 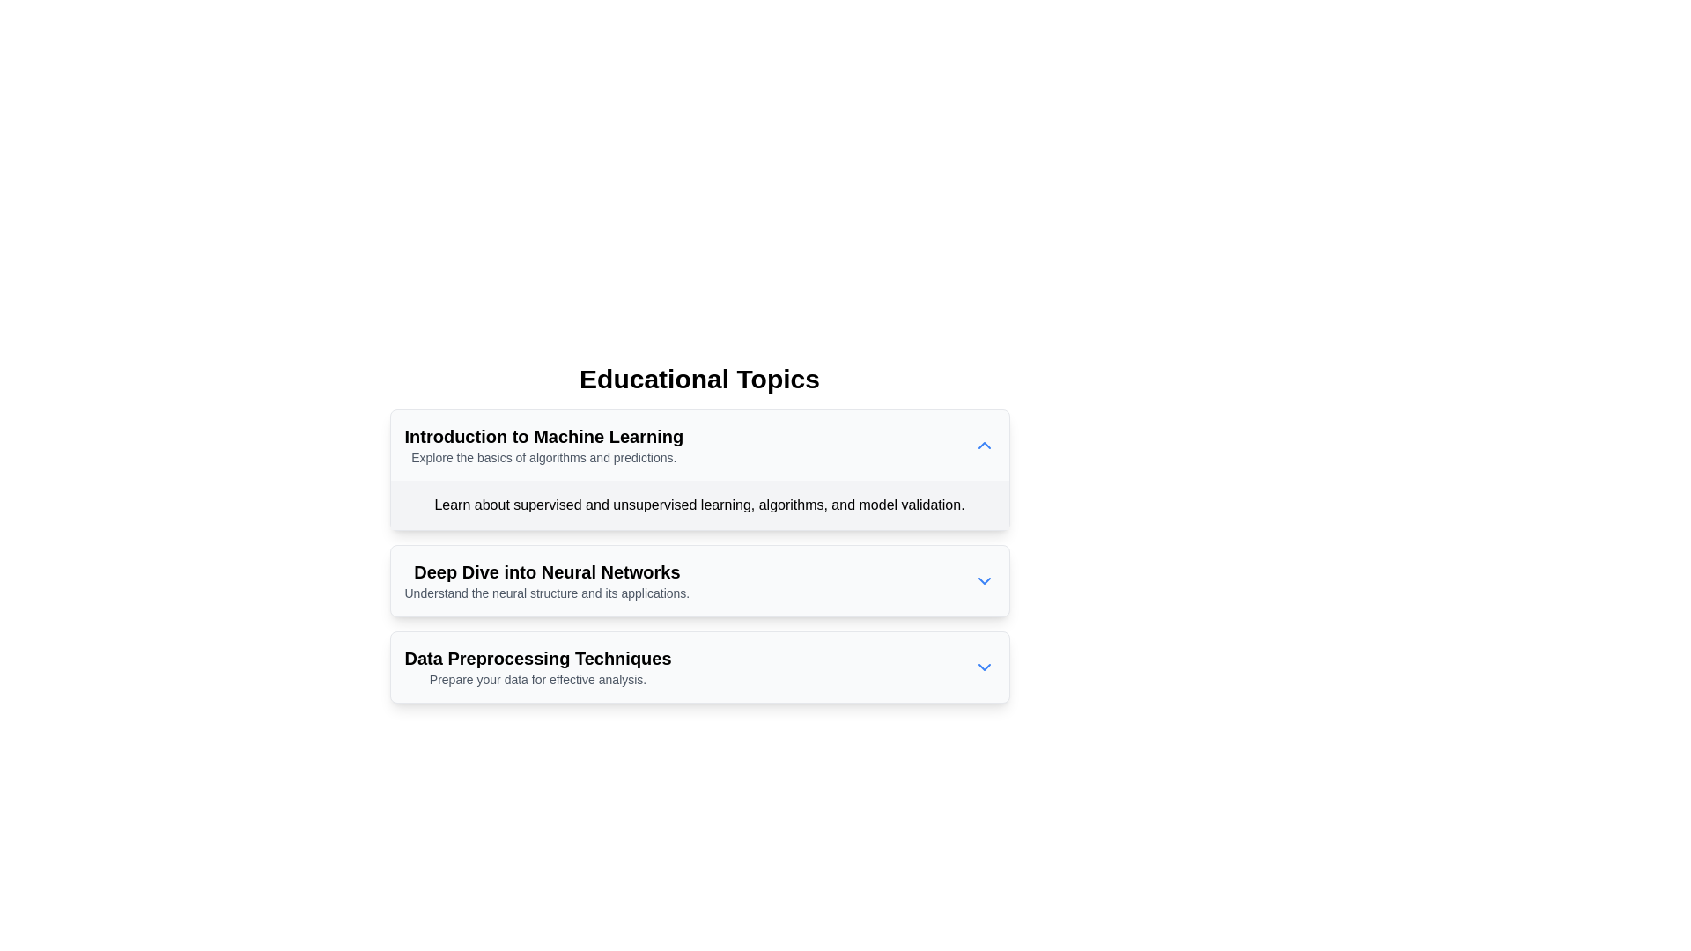 I want to click on the Collapsible header section titled 'Deep Dive into Neural Networks', so click(x=698, y=580).